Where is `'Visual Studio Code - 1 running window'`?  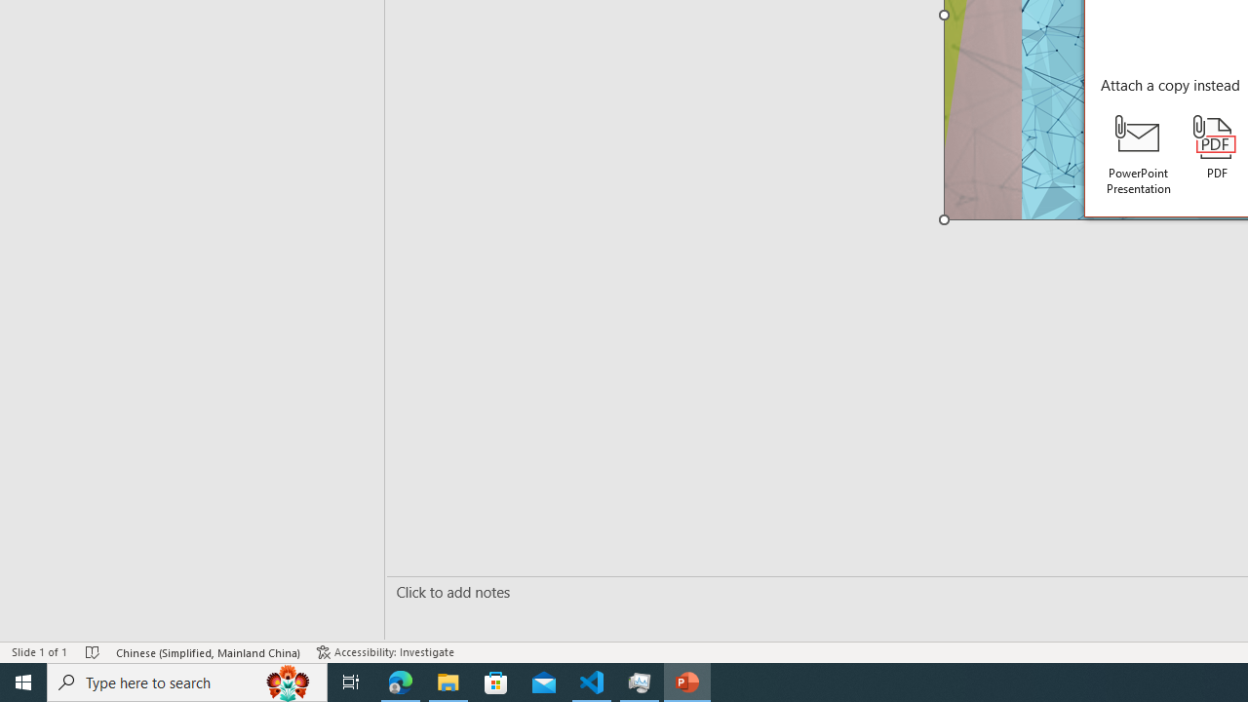
'Visual Studio Code - 1 running window' is located at coordinates (591, 681).